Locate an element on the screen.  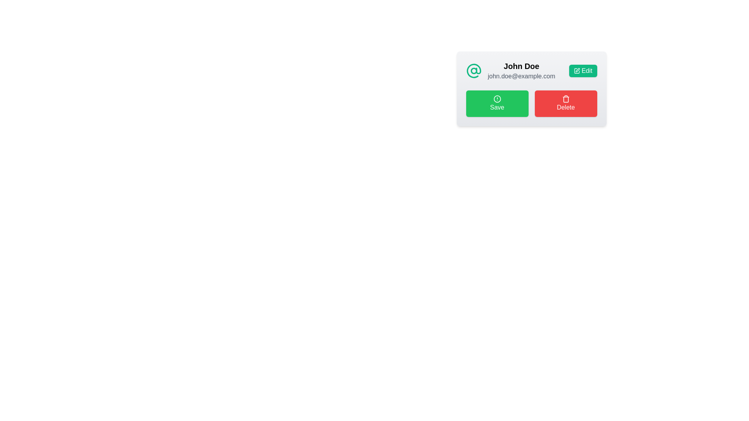
the user profile section containing the name 'John Doe' and email 'john.doe@example.com' is located at coordinates (531, 71).